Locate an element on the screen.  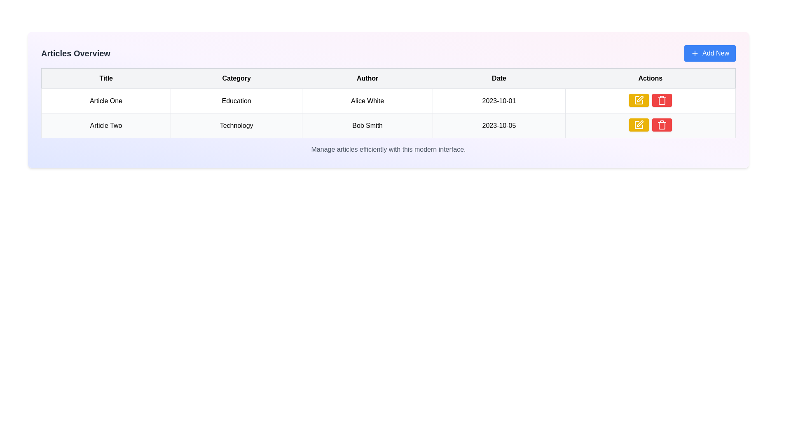
the informational text block located at the bottom of the 'Articles Overview' section, just below the articles table is located at coordinates (388, 149).